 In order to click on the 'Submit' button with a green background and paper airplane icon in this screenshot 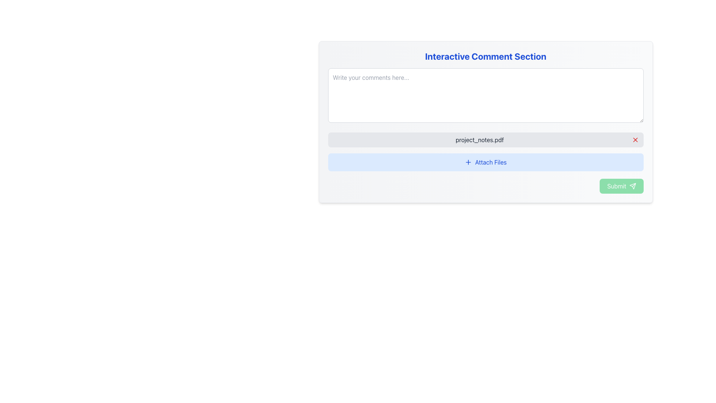, I will do `click(621, 185)`.